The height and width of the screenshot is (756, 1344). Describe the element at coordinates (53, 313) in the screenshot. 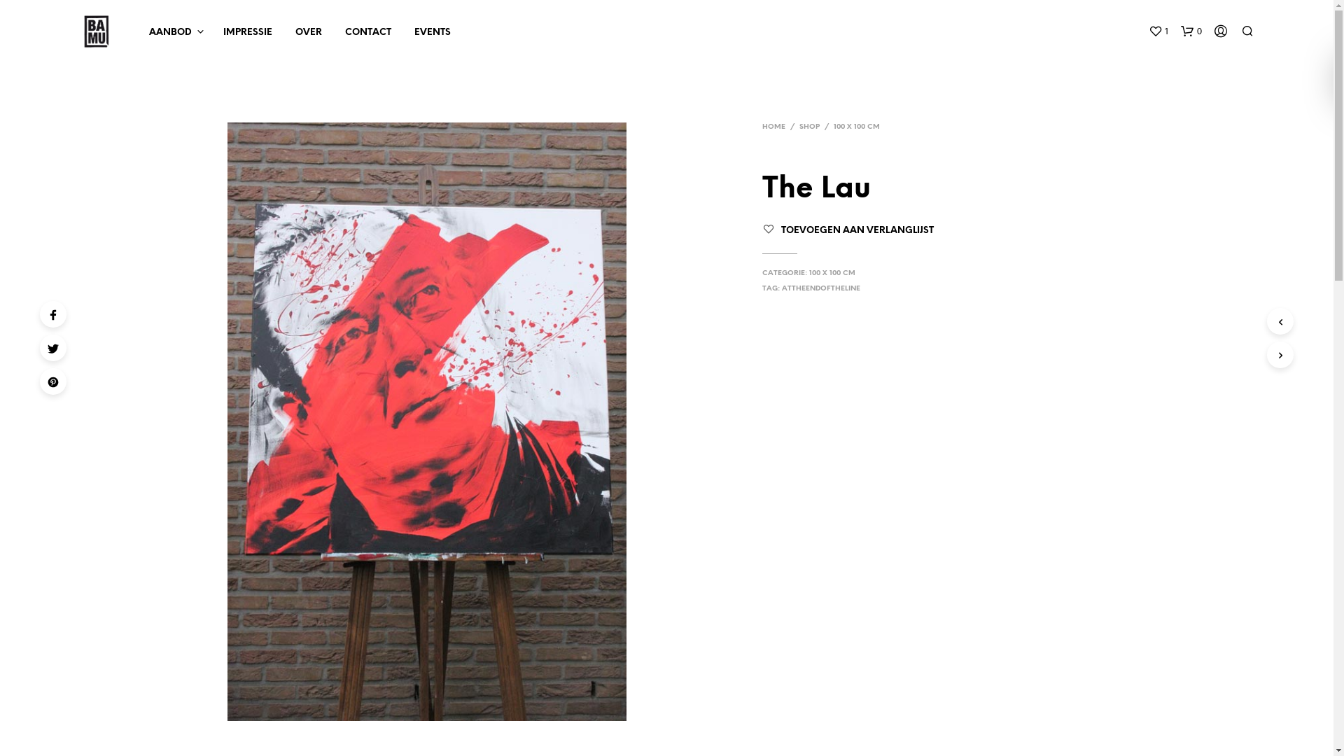

I see `'Facebook'` at that location.